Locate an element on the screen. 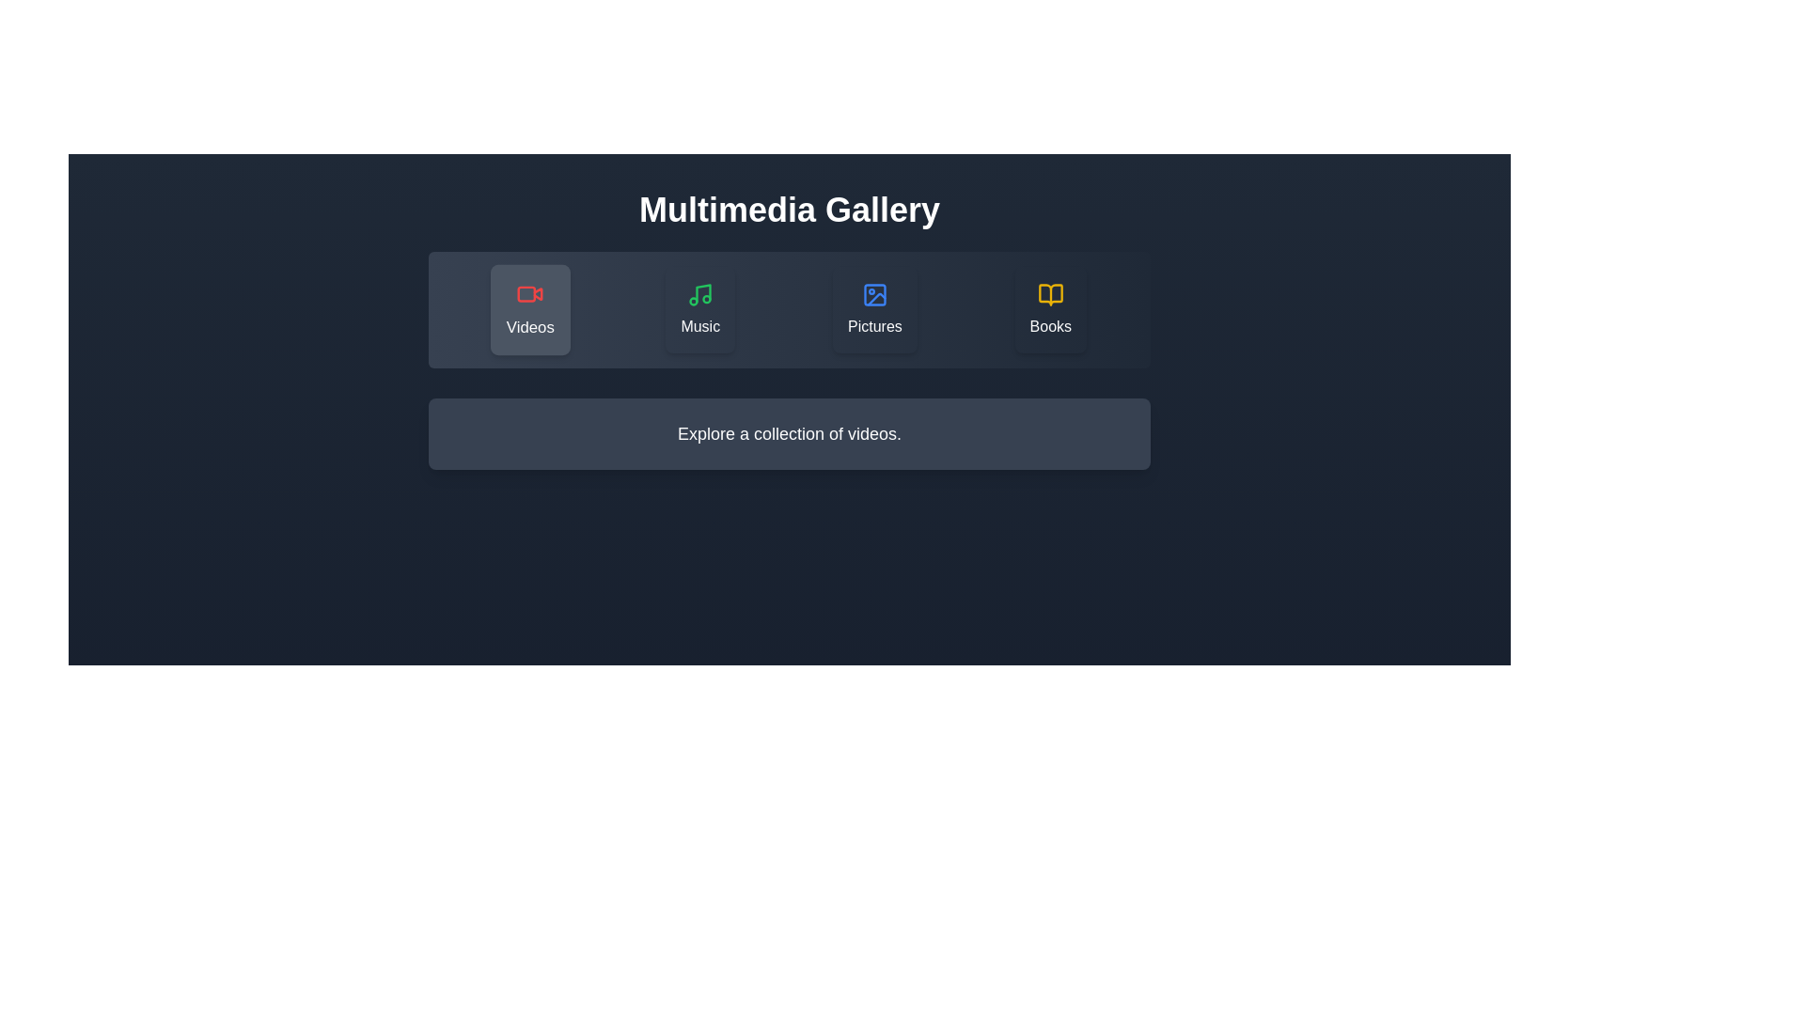 This screenshot has height=1015, width=1805. the Videos category by clicking the corresponding button is located at coordinates (529, 309).